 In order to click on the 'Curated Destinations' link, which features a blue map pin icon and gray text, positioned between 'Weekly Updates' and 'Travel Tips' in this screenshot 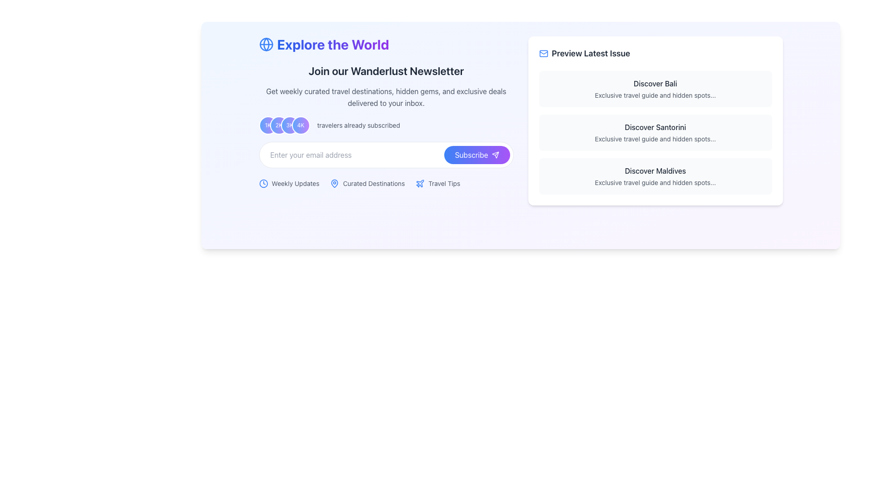, I will do `click(367, 184)`.